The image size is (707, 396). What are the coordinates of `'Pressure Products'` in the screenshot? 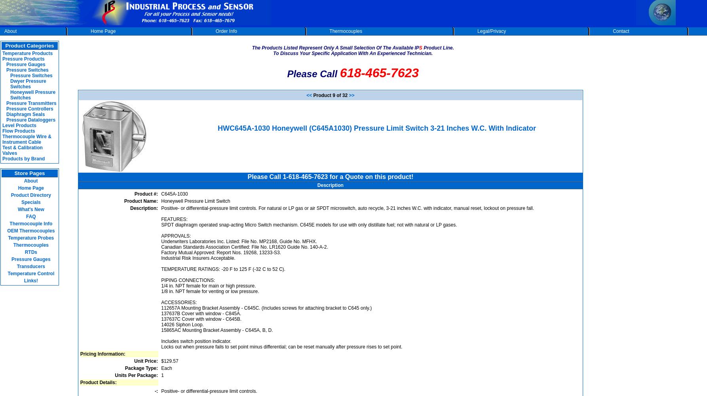 It's located at (23, 59).